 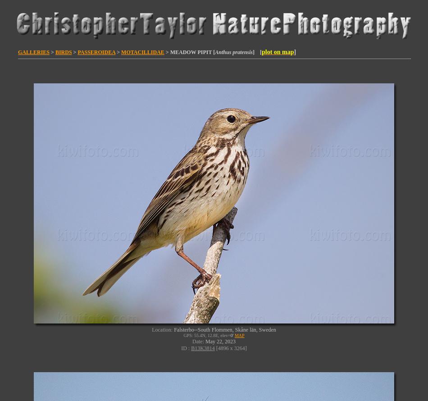 I want to click on ']    [', so click(x=252, y=51).